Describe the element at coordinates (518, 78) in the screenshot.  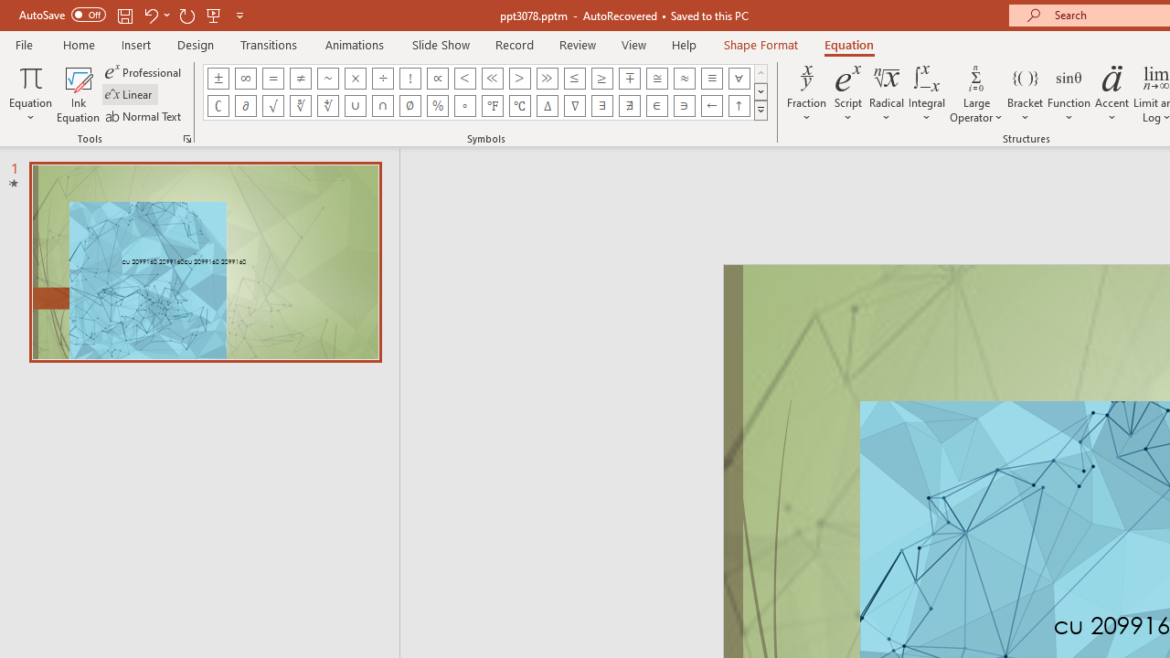
I see `'Equation Symbol Greater Than'` at that location.